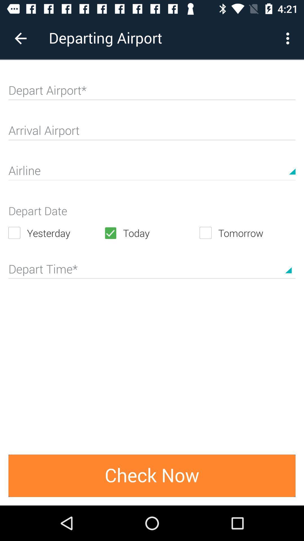  What do you see at coordinates (151, 233) in the screenshot?
I see `the item to the left of tomorrow` at bounding box center [151, 233].